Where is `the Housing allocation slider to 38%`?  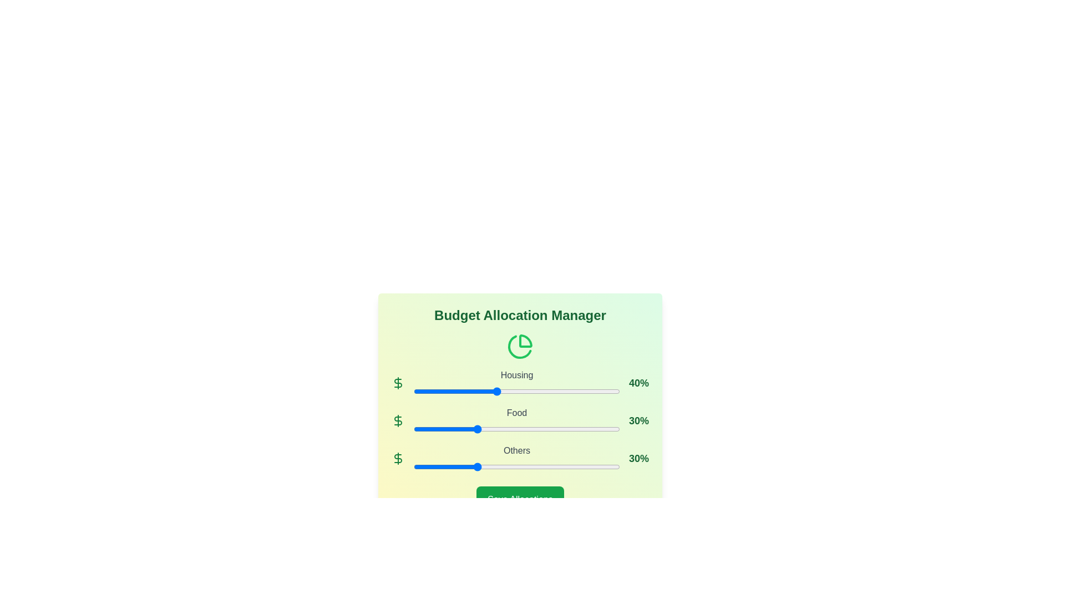 the Housing allocation slider to 38% is located at coordinates (491, 390).